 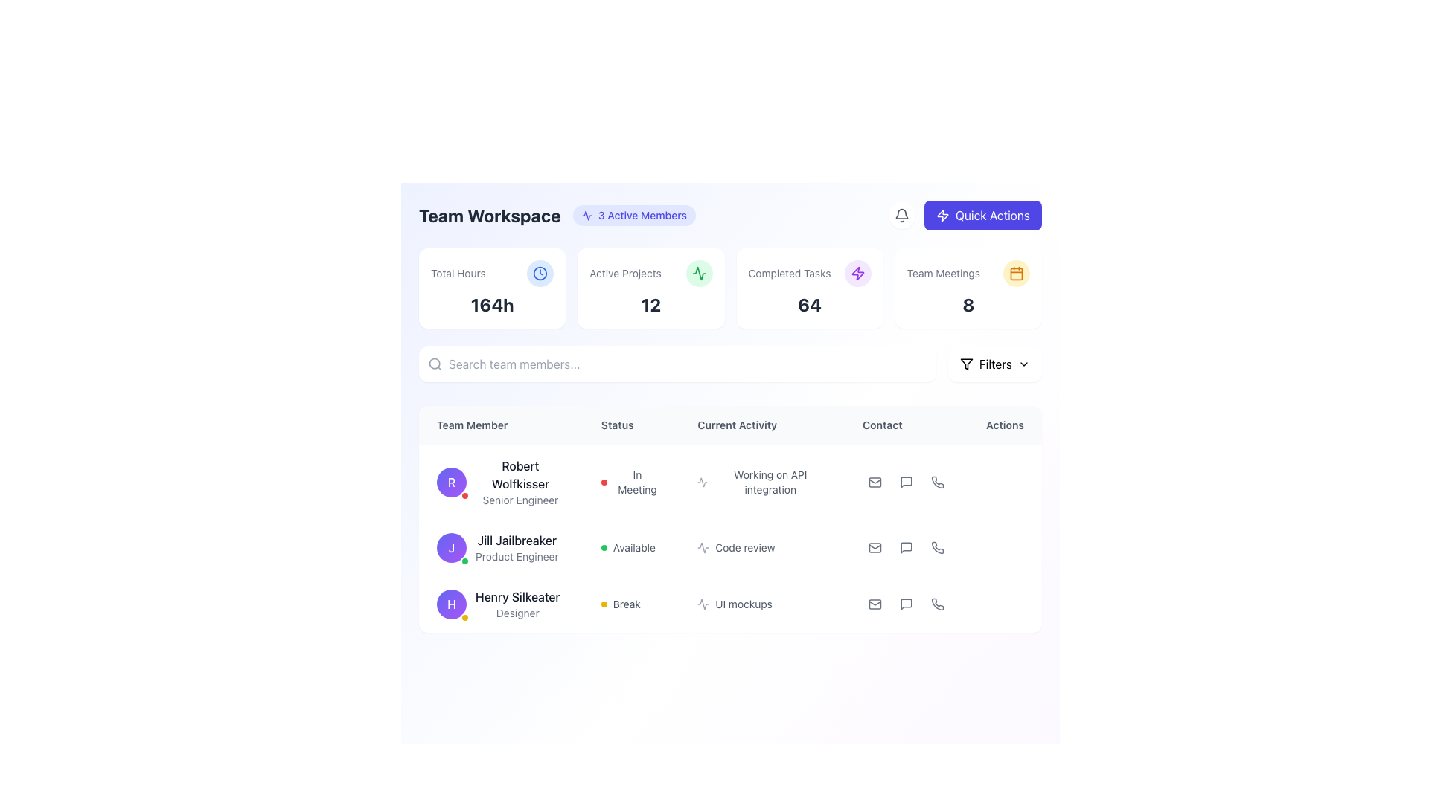 What do you see at coordinates (501, 604) in the screenshot?
I see `to select or highlight the Profile card item for the team member, which is the third entry in the 'Team Member' section of the list, showing their profile avatar, name, and role designation` at bounding box center [501, 604].